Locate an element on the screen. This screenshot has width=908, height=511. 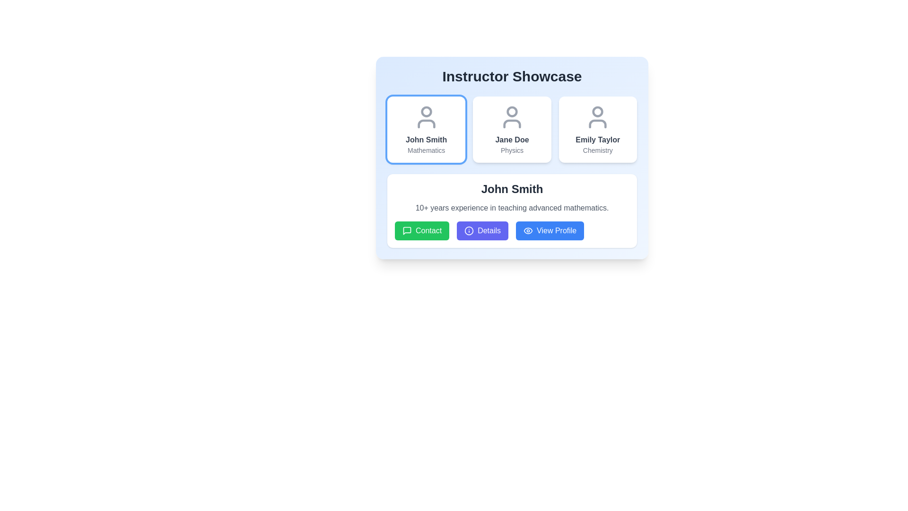
the Profile Card displaying the user profile icon of 'Jane Doe' in the middle column of the grid layout is located at coordinates (512, 158).